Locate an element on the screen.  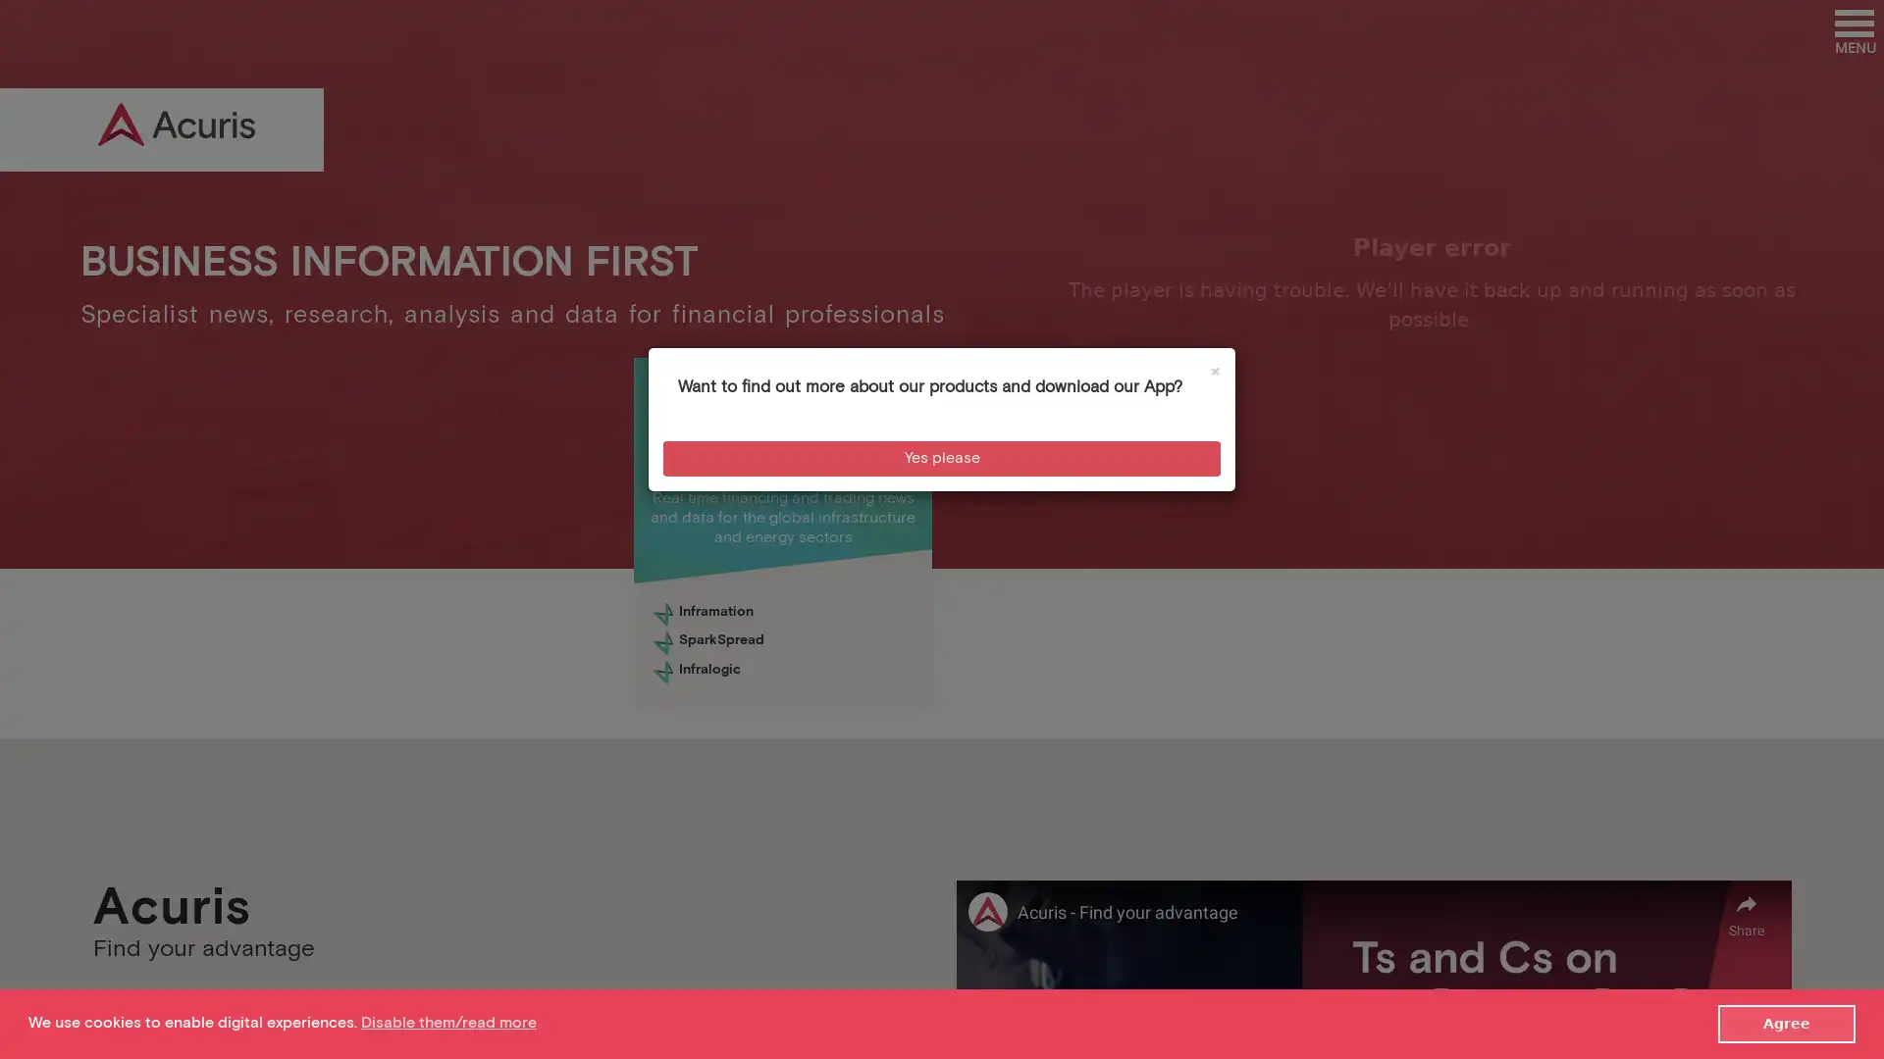
dismiss cookie message is located at coordinates (1786, 1023).